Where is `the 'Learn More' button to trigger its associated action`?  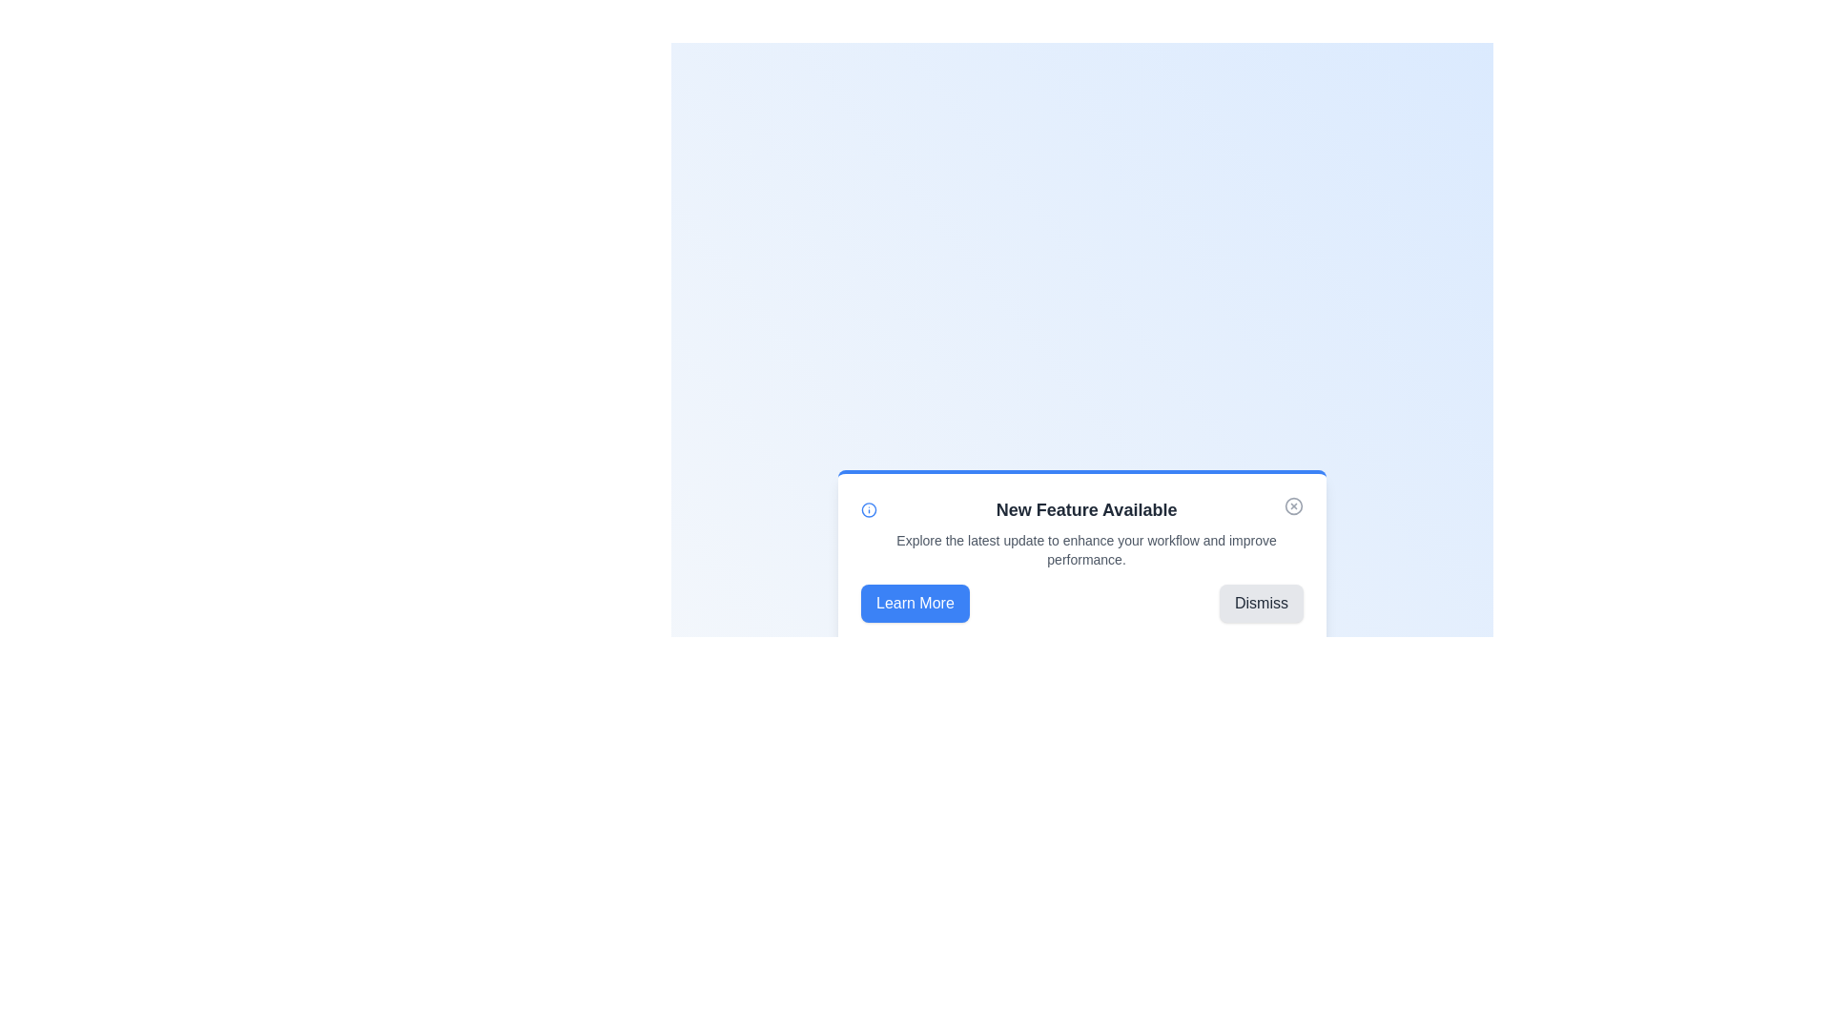 the 'Learn More' button to trigger its associated action is located at coordinates (914, 603).